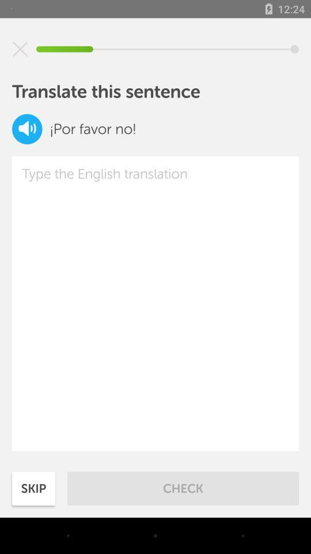 The width and height of the screenshot is (311, 554). Describe the element at coordinates (183, 488) in the screenshot. I see `the item next to the skip` at that location.